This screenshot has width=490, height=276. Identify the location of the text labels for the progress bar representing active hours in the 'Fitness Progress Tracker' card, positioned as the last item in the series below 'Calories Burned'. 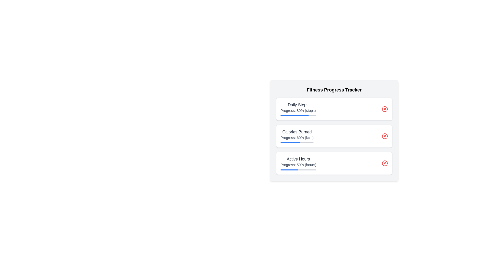
(334, 163).